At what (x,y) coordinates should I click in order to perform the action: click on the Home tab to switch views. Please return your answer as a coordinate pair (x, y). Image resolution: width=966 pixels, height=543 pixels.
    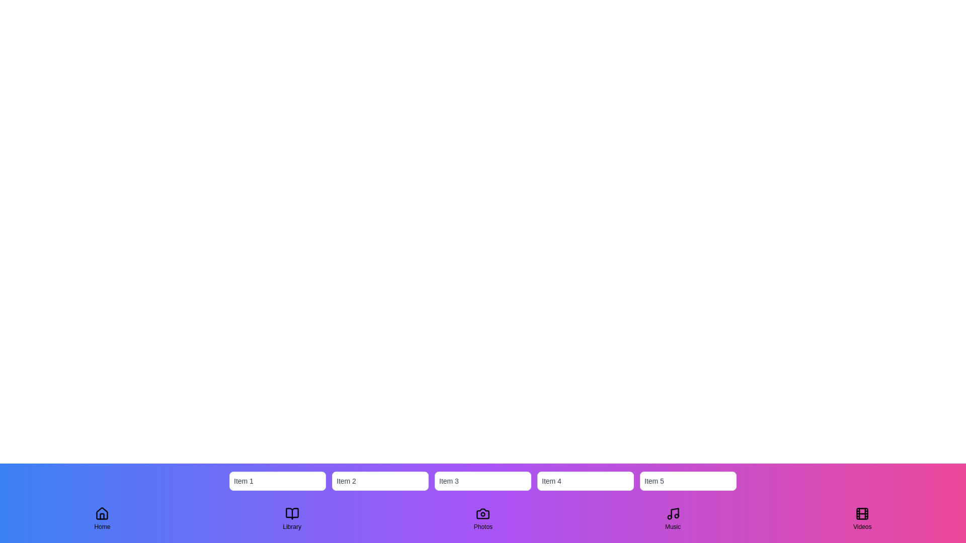
    Looking at the image, I should click on (102, 519).